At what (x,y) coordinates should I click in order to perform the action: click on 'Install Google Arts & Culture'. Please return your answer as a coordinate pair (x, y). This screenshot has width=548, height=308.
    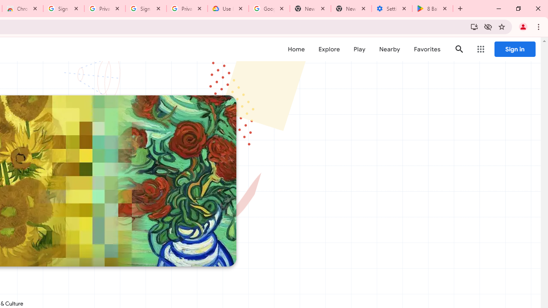
    Looking at the image, I should click on (474, 26).